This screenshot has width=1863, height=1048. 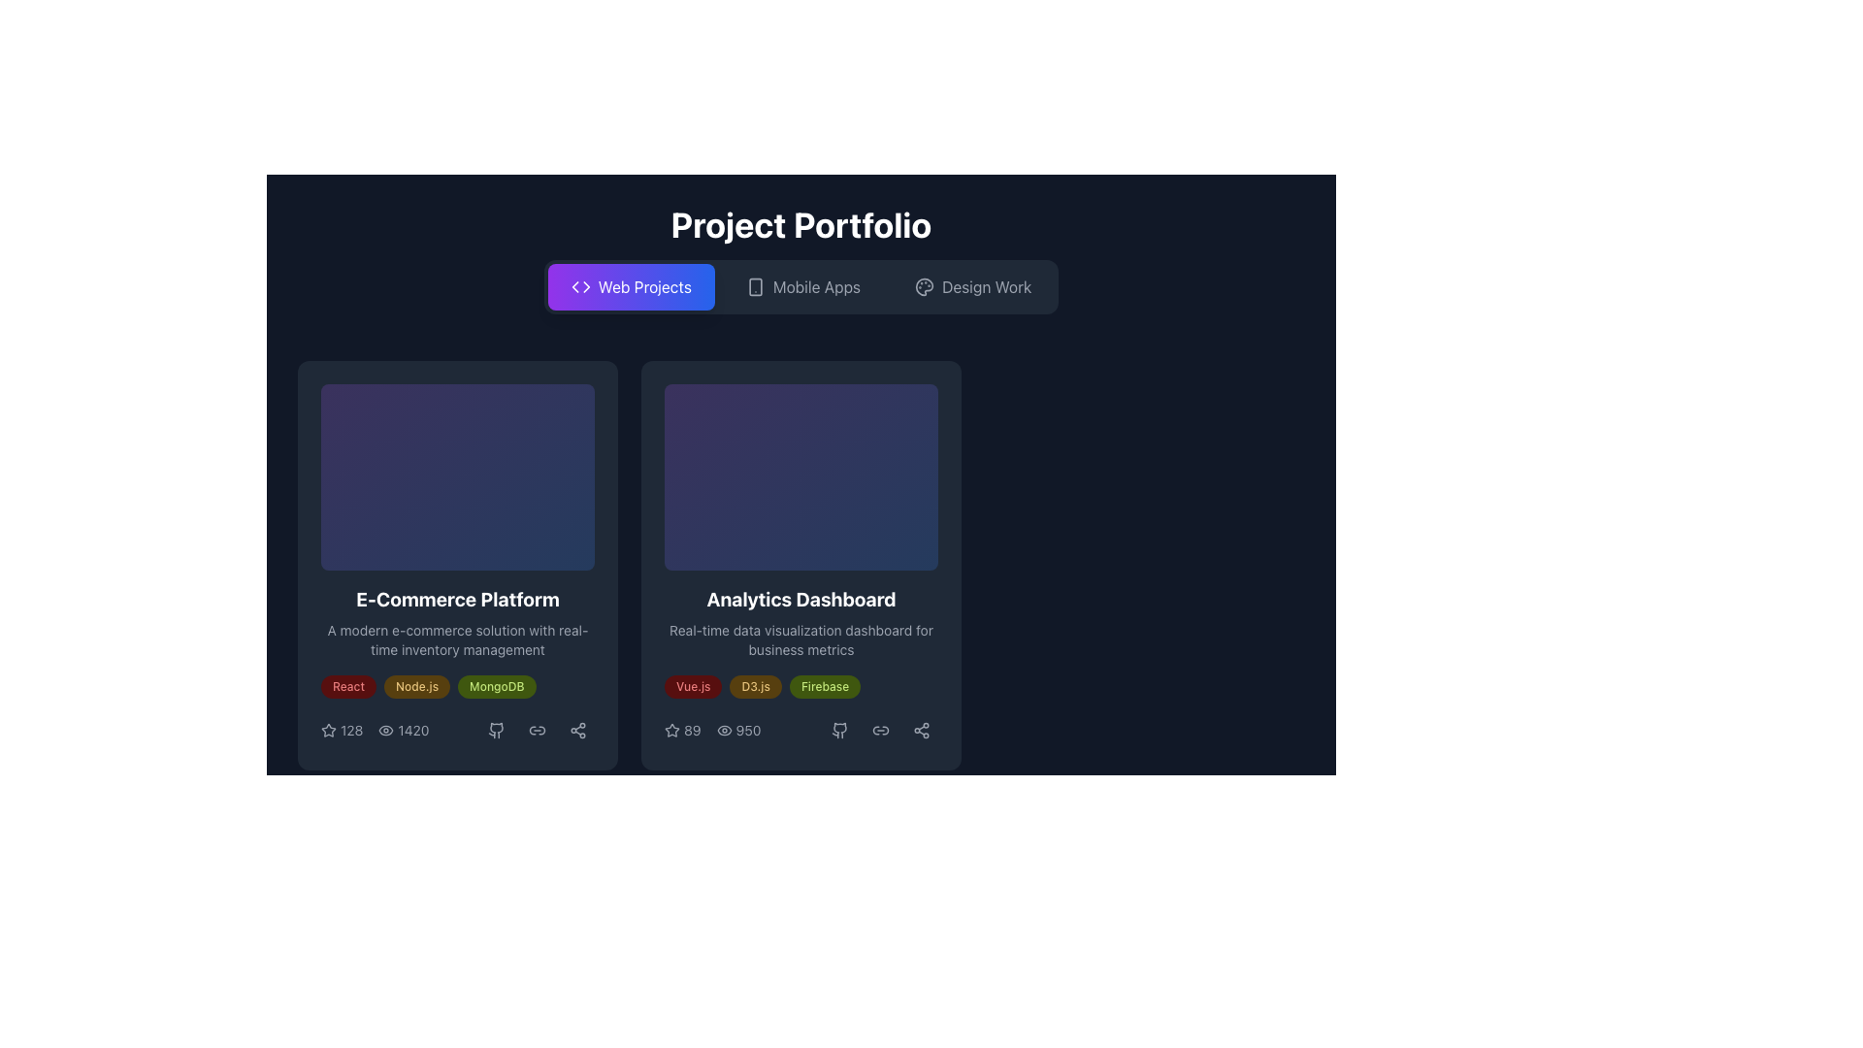 What do you see at coordinates (576, 730) in the screenshot?
I see `the sharing functionality icon, which is a gray icon with a central node and three surrounding nodes, located at the bottom-right corner of the 'E-Commerce Platform' card` at bounding box center [576, 730].